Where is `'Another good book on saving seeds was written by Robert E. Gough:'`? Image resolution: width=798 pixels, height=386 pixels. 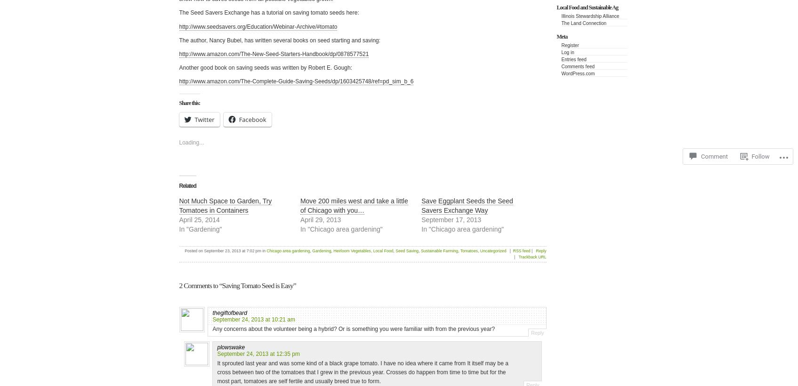
'Another good book on saving seeds was written by Robert E. Gough:' is located at coordinates (265, 67).